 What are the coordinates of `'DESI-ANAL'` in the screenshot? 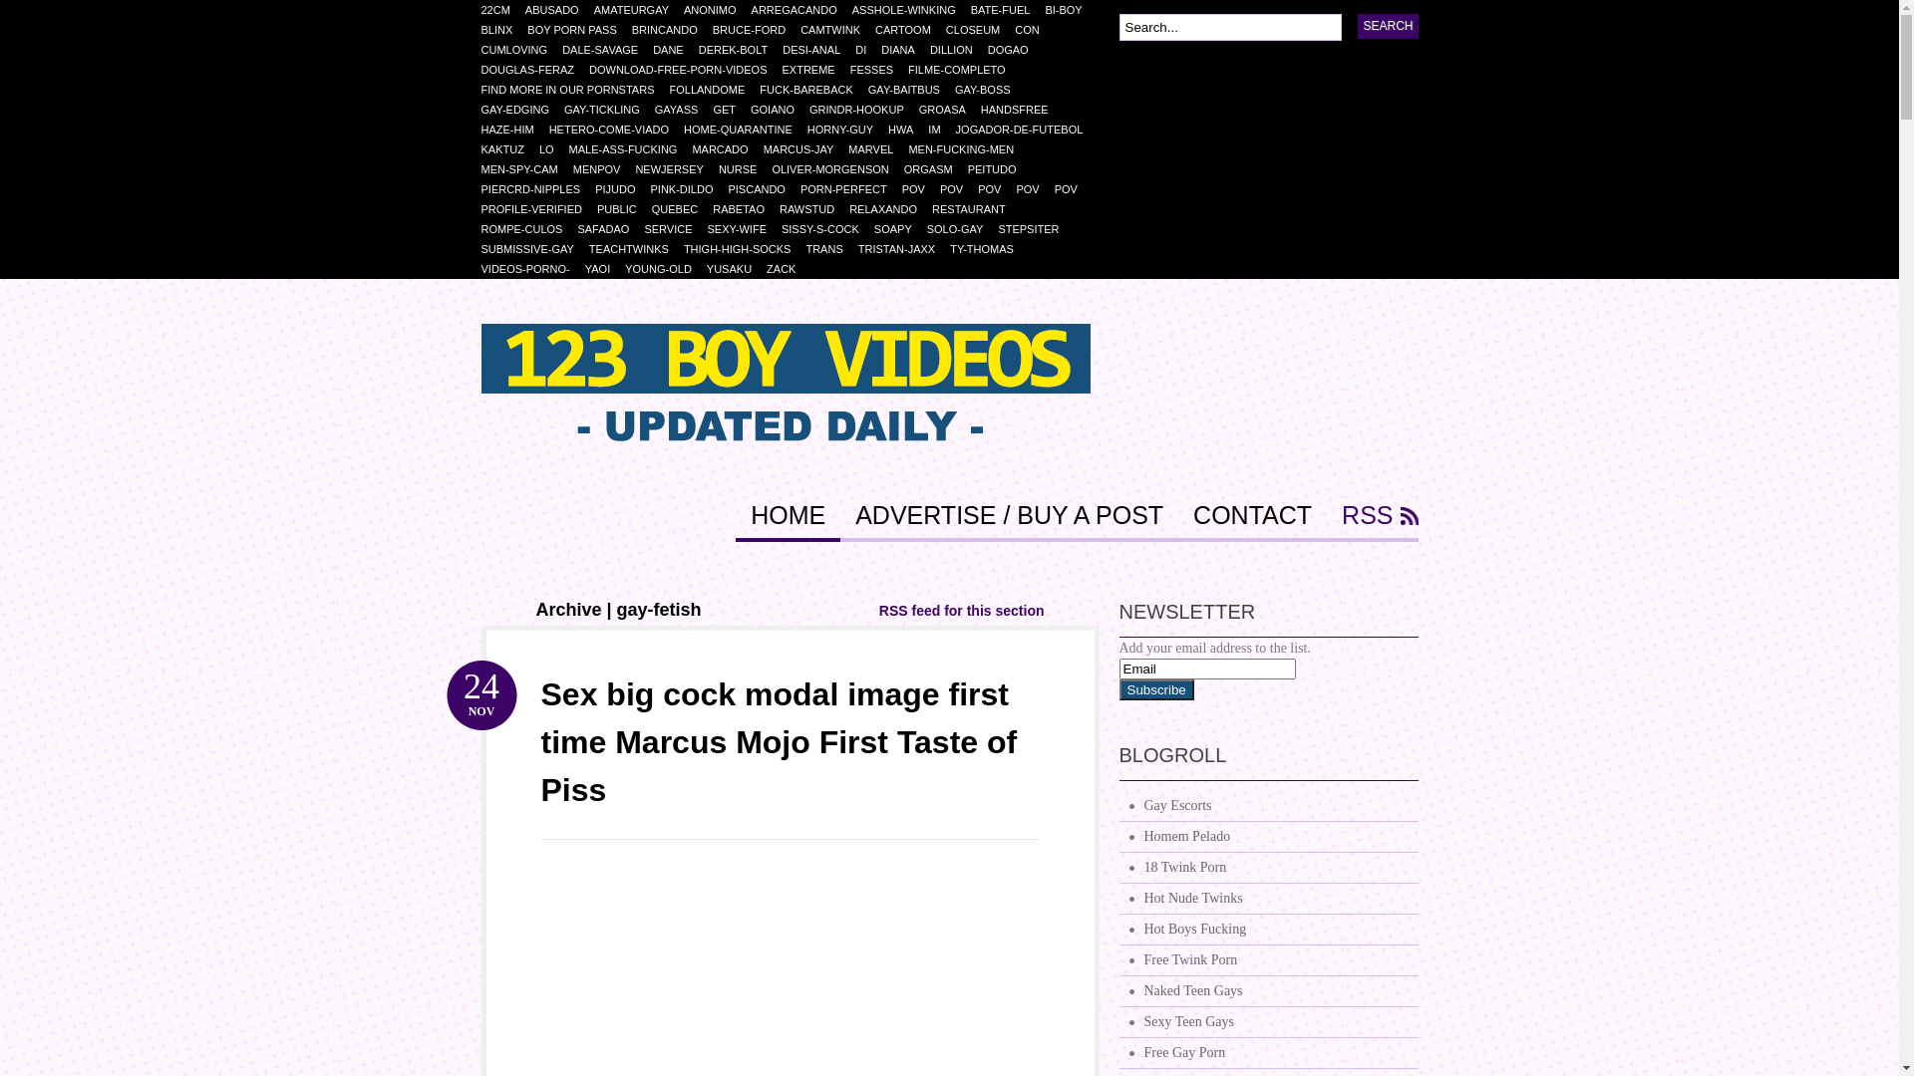 It's located at (818, 49).